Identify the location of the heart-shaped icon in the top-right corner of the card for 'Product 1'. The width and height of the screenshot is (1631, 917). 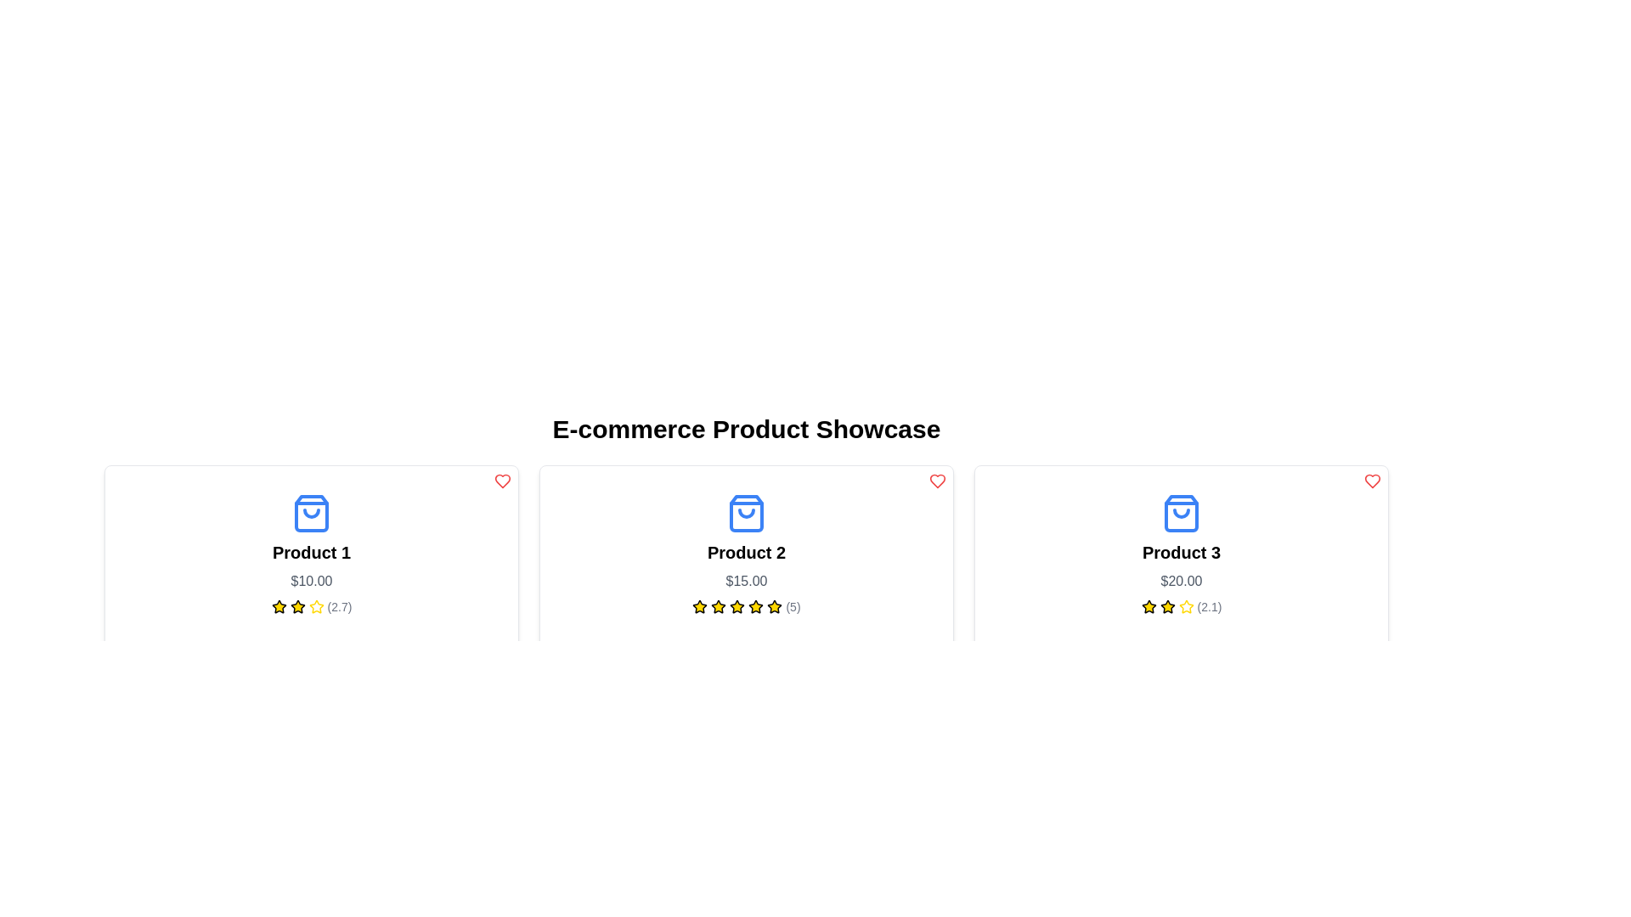
(937, 481).